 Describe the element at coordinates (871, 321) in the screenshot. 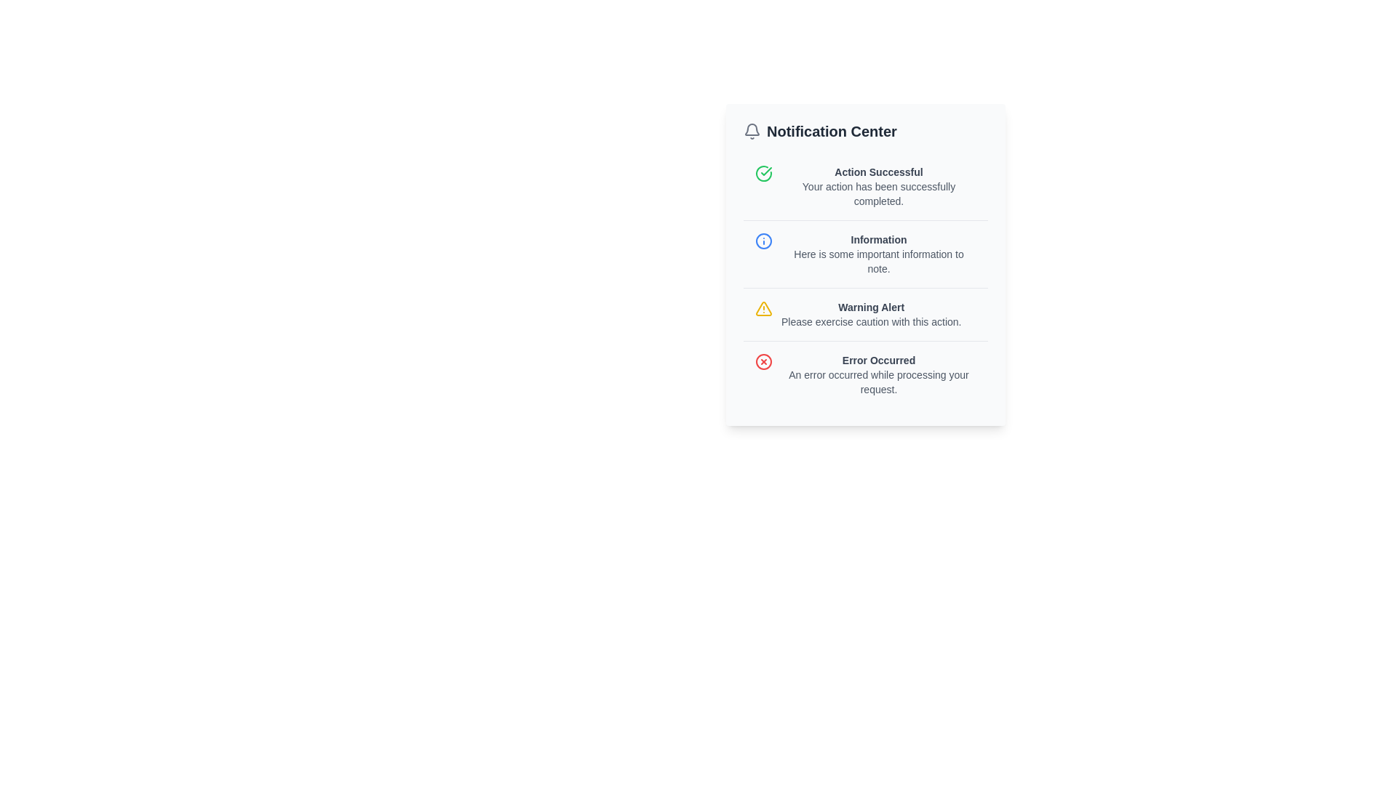

I see `the text element that reads 'Please exercise caution with this action.' which is styled in a small light gray font and located below the 'Warning Alert' text` at that location.